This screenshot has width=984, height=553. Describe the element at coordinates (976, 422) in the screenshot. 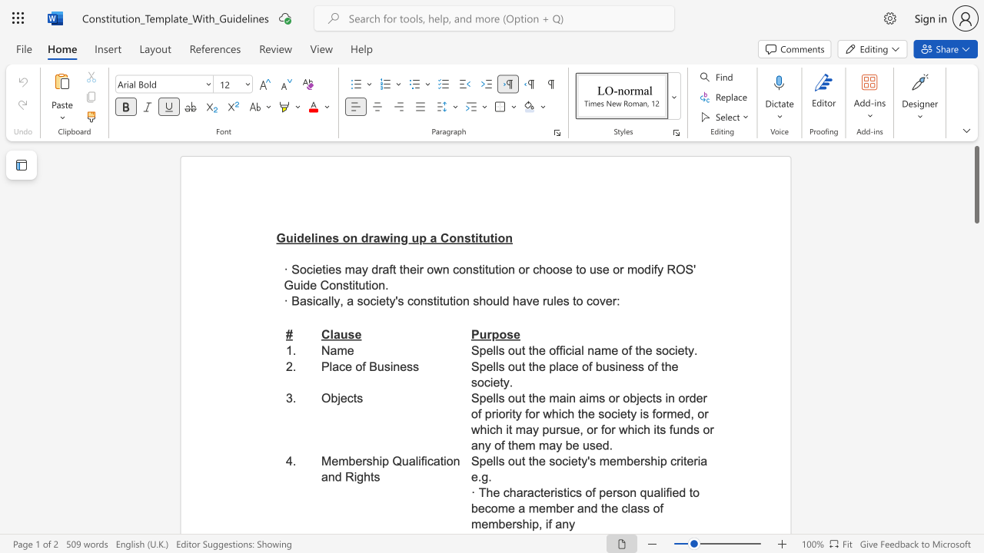

I see `the scrollbar to scroll downward` at that location.